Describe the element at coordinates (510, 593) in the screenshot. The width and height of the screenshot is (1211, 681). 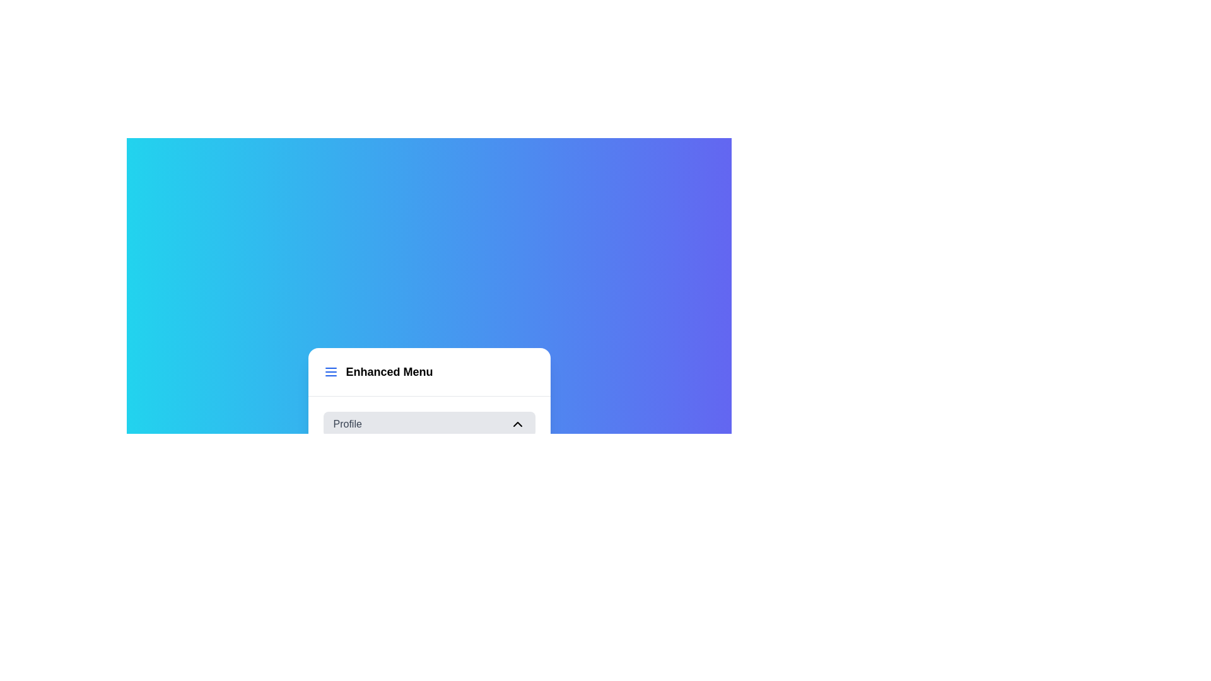
I see `the HelpCircle icon in the footer` at that location.